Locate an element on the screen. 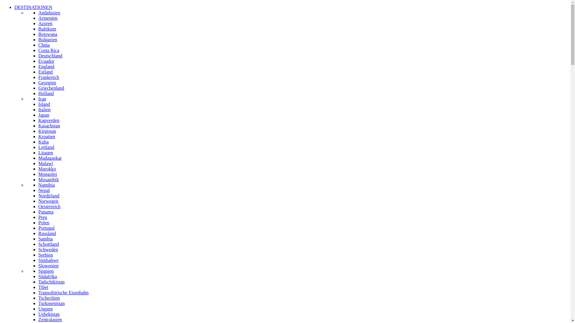 Image resolution: width=575 pixels, height=323 pixels. 'DESTINATIONEN' is located at coordinates (14, 7).